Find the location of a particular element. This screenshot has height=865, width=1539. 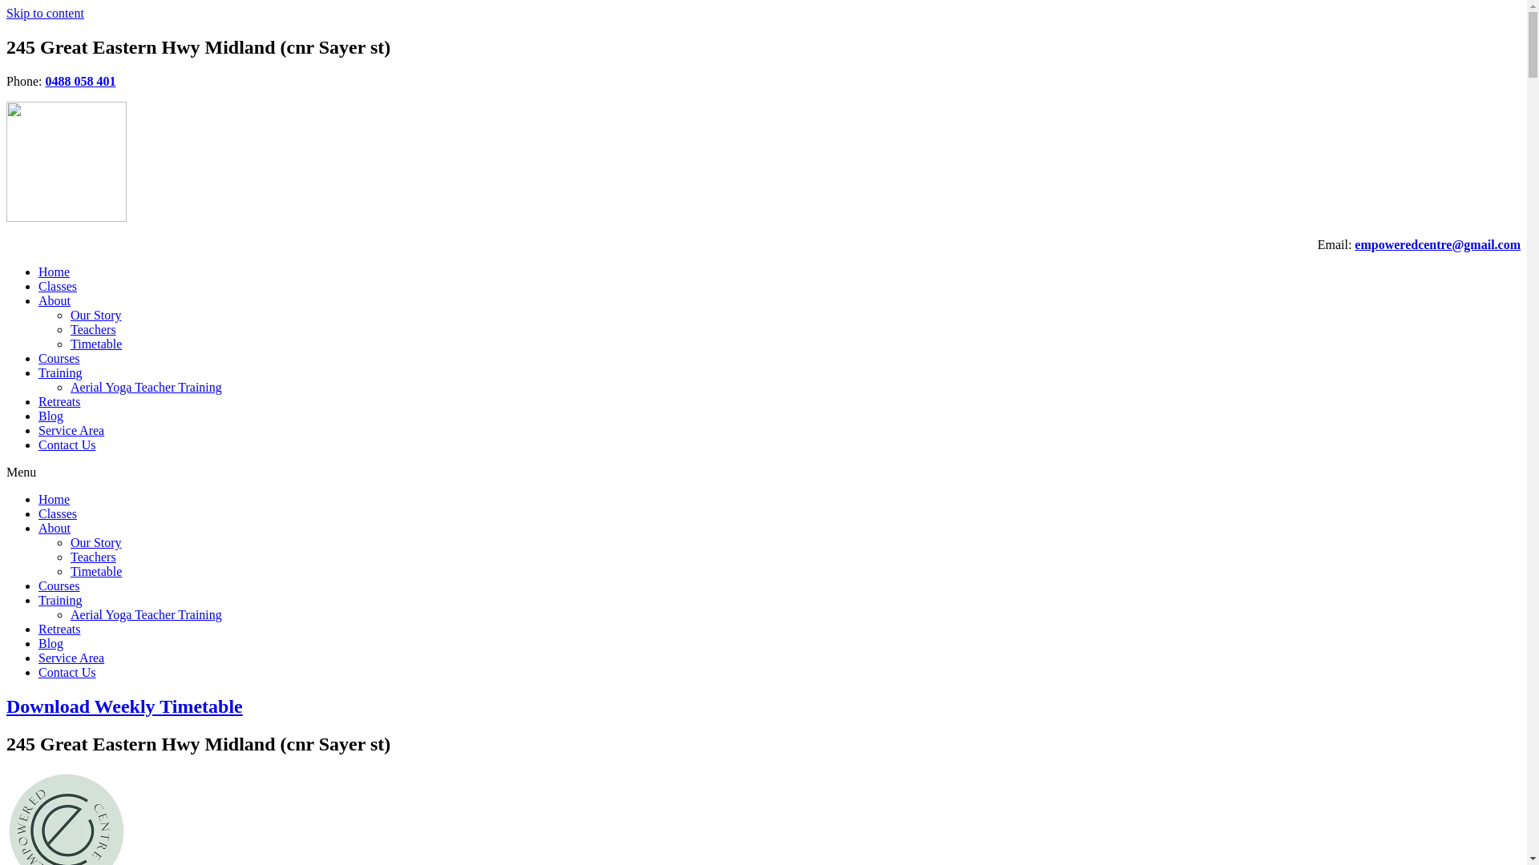

'Home' is located at coordinates (54, 498).